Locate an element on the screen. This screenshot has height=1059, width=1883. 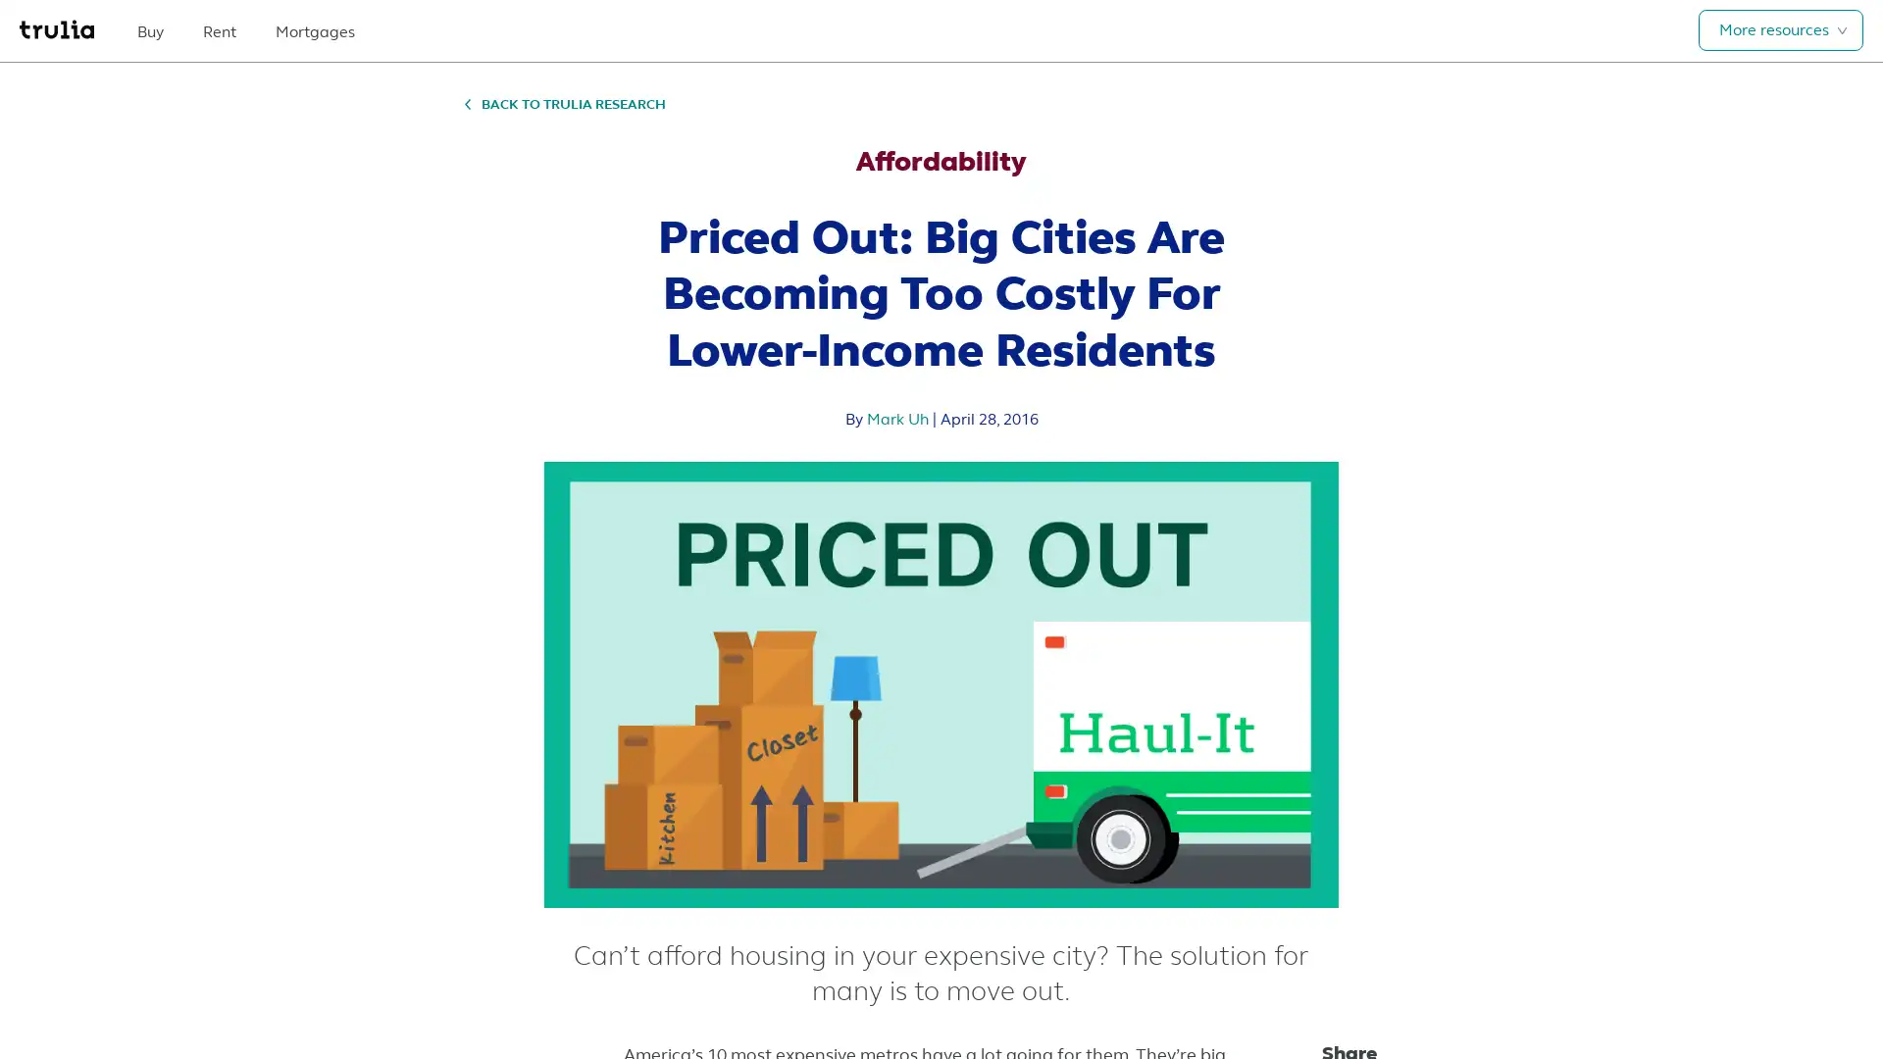
More resources is located at coordinates (1780, 29).